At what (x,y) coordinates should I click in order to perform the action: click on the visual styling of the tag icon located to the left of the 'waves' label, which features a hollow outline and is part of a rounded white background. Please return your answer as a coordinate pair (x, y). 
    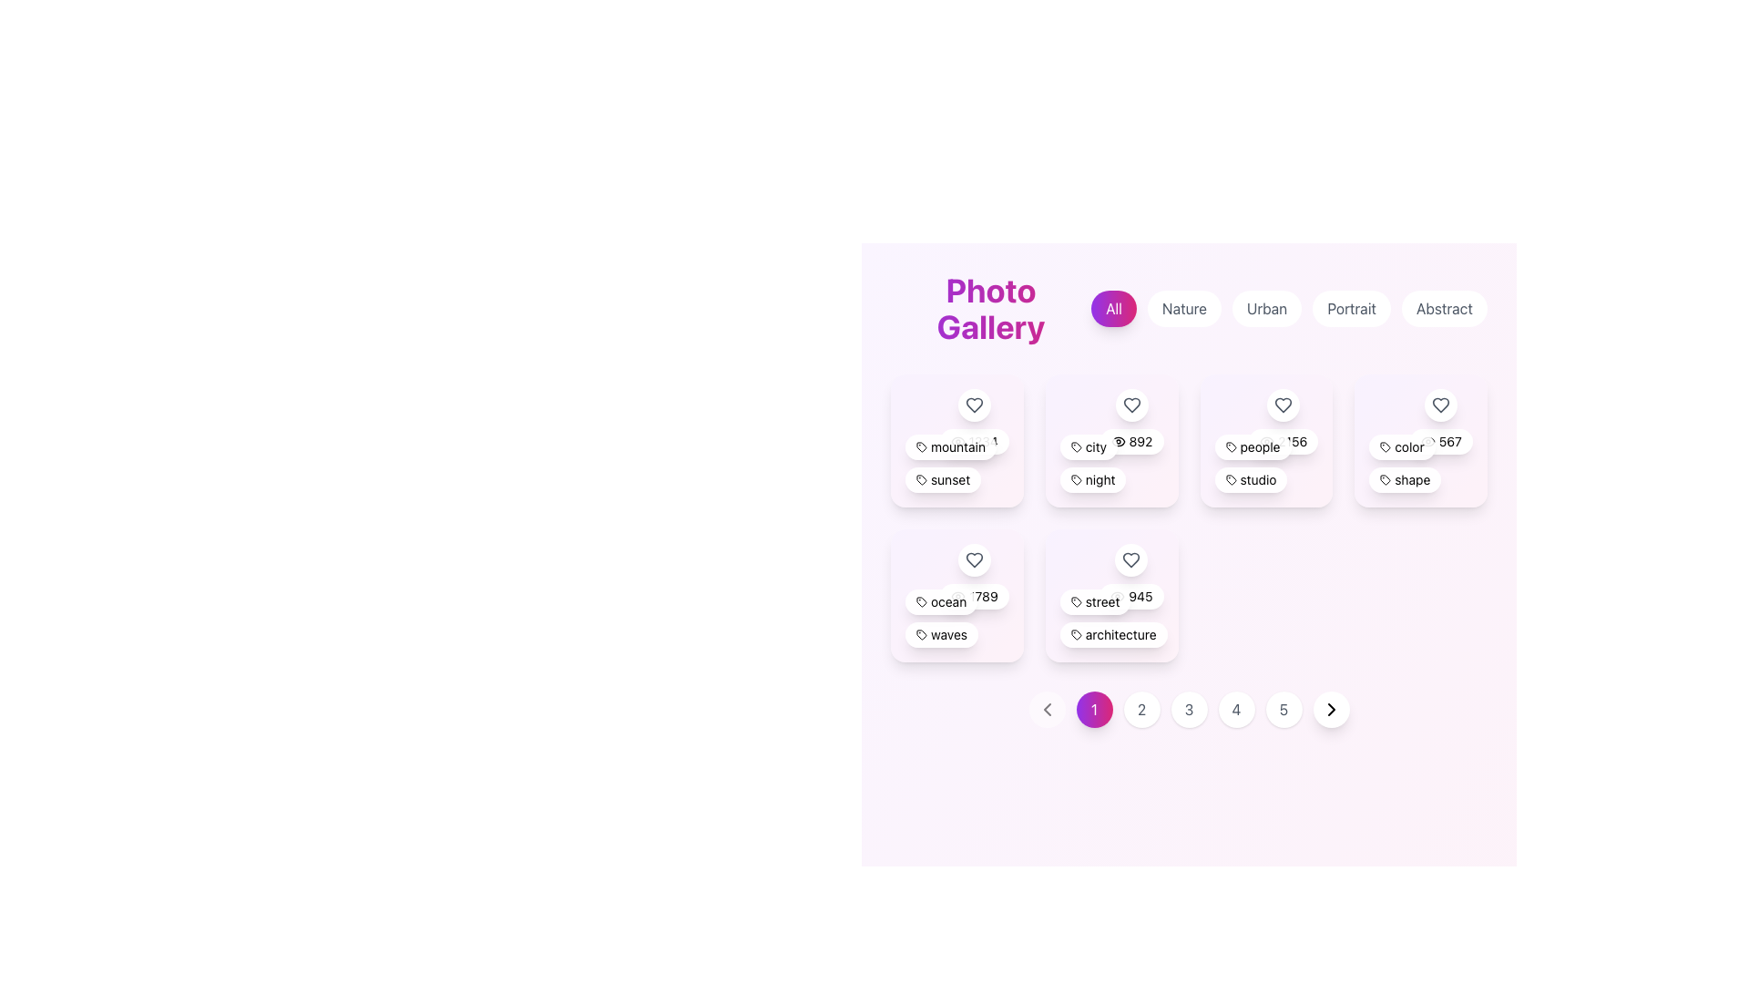
    Looking at the image, I should click on (922, 633).